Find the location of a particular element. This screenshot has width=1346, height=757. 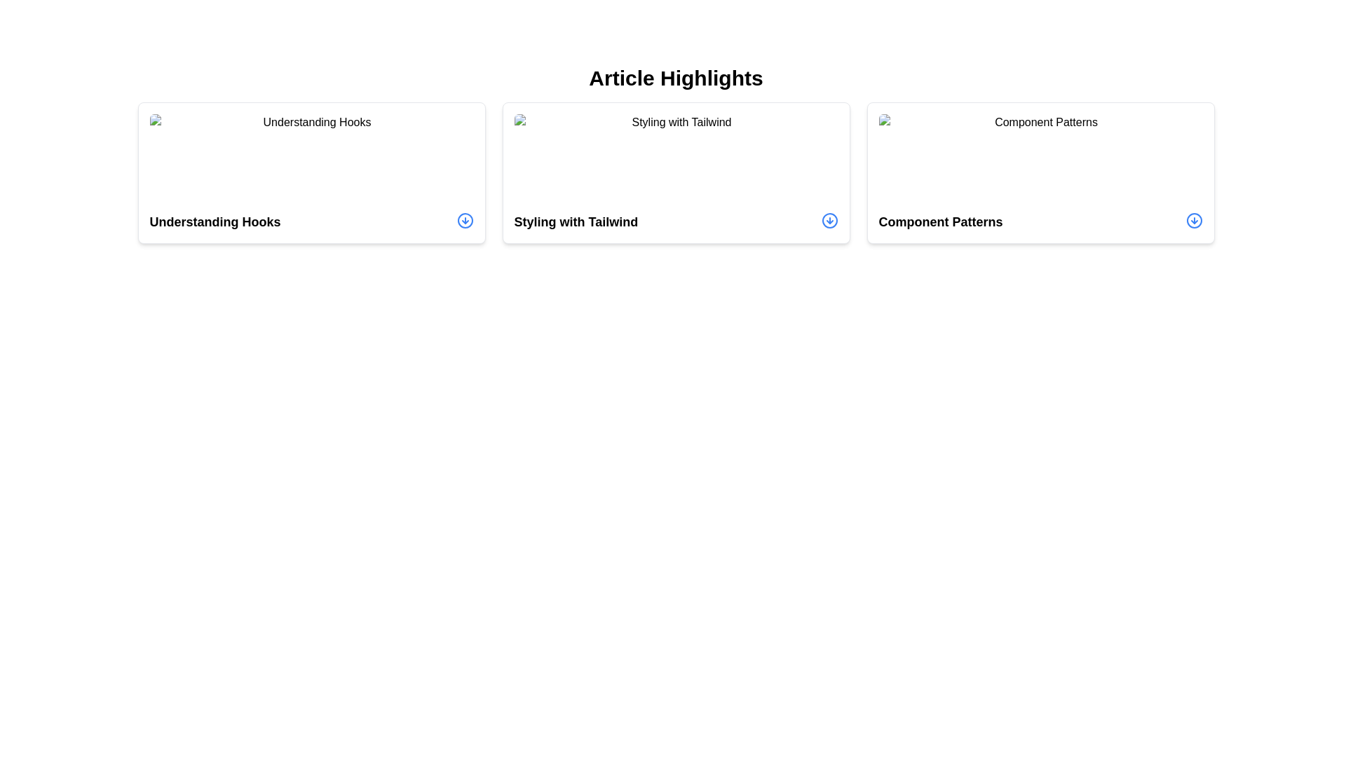

text element that serves as the title for the middle card in the series of three cards is located at coordinates (576, 221).